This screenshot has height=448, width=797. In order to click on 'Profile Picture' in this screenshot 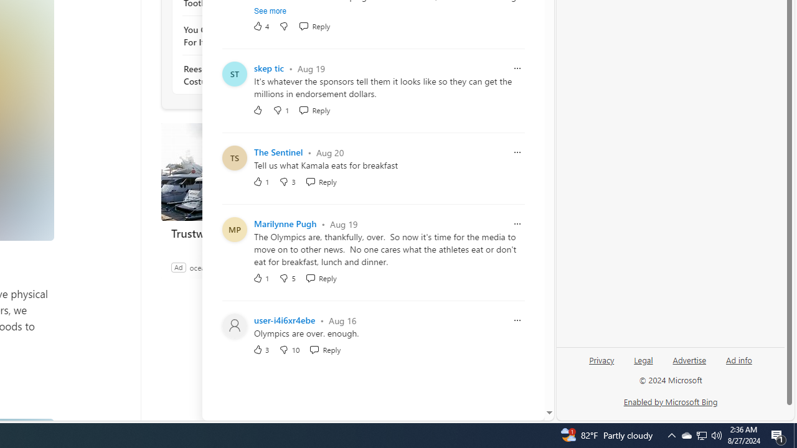, I will do `click(234, 325)`.